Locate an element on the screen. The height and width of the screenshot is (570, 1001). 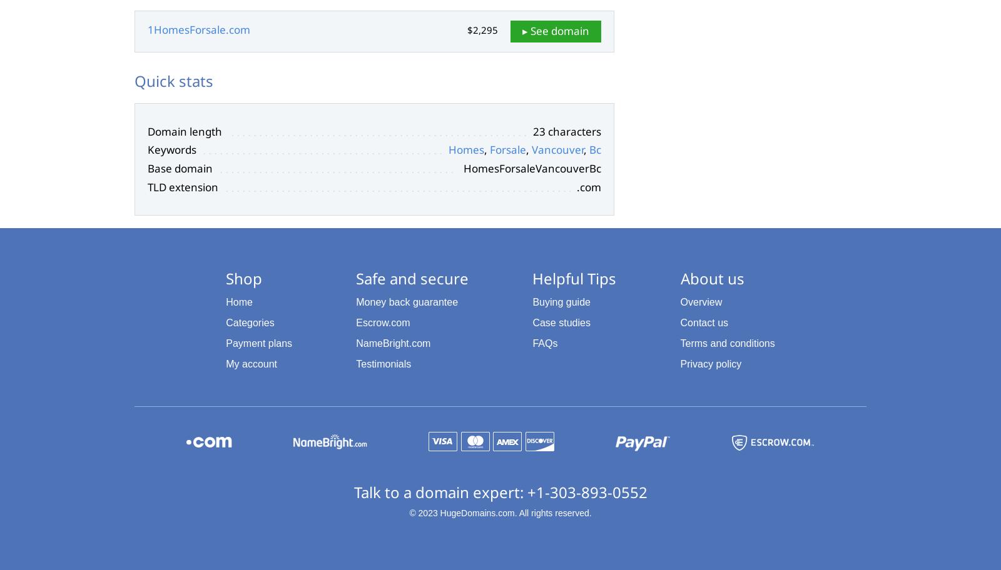
'23 characters' is located at coordinates (566, 130).